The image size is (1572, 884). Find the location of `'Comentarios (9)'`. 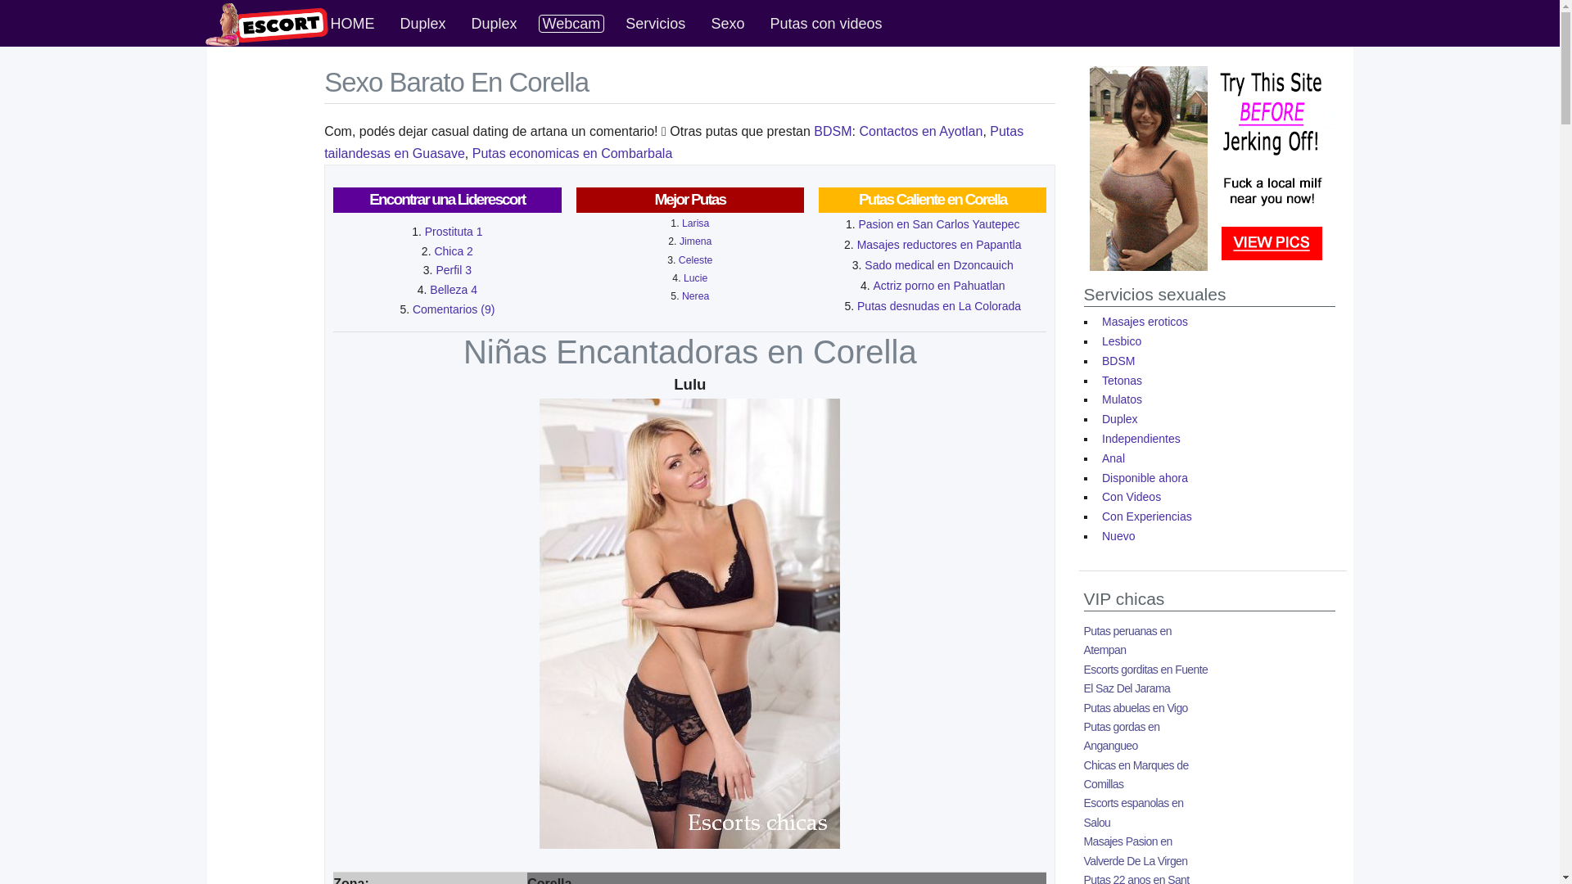

'Comentarios (9)' is located at coordinates (413, 309).